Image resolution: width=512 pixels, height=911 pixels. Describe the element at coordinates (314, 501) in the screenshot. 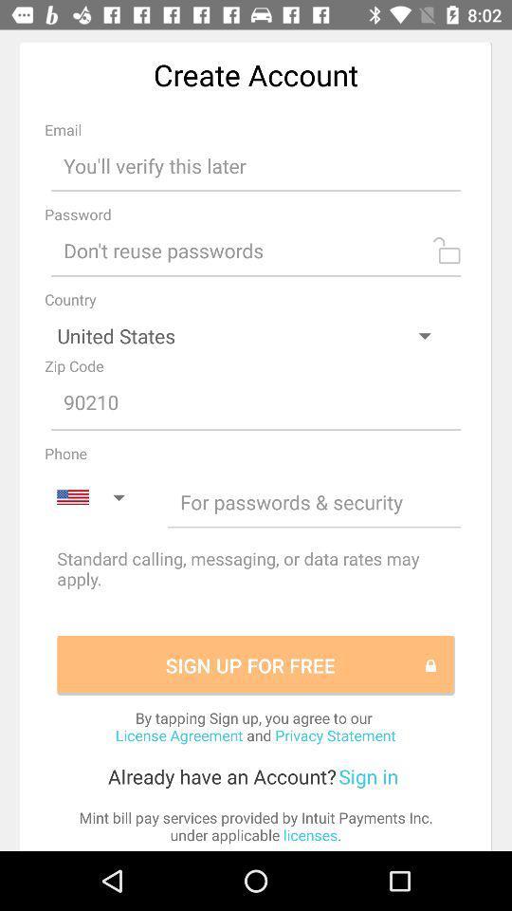

I see `phone number` at that location.